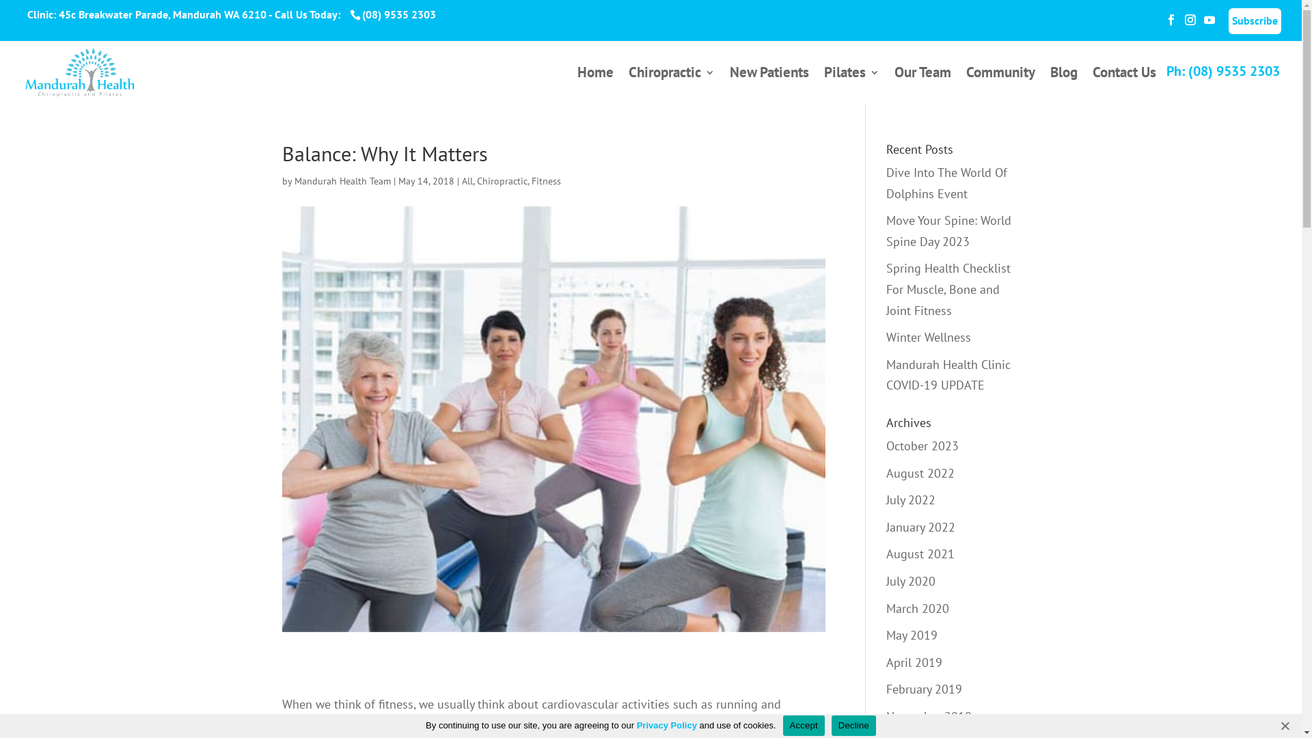 This screenshot has height=738, width=1312. Describe the element at coordinates (1124, 85) in the screenshot. I see `'Contact Us'` at that location.